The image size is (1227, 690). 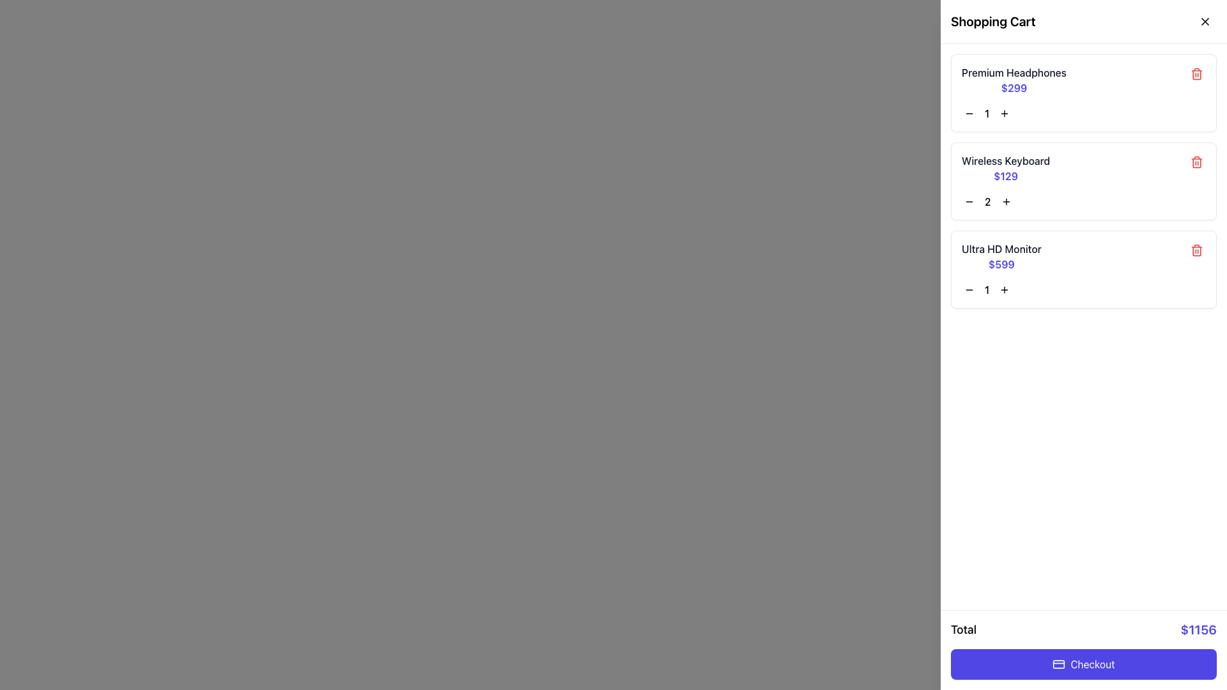 What do you see at coordinates (1198, 629) in the screenshot?
I see `the total amount text label that displays the sum of items in the shopping cart located in the lower-right corner of the interface, beneath the listed products` at bounding box center [1198, 629].